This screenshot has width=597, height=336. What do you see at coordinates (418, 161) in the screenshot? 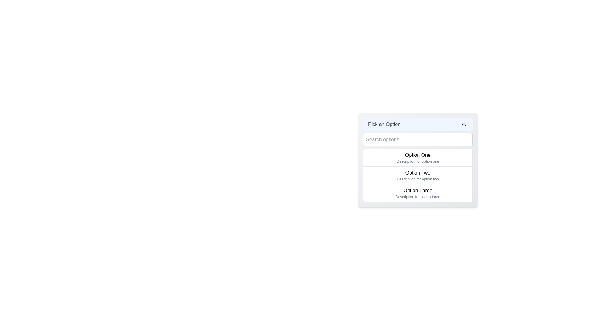
I see `the text label reading 'Description for option one', which is located directly below the bolded title 'Option One' in the first selectable option of the list` at bounding box center [418, 161].